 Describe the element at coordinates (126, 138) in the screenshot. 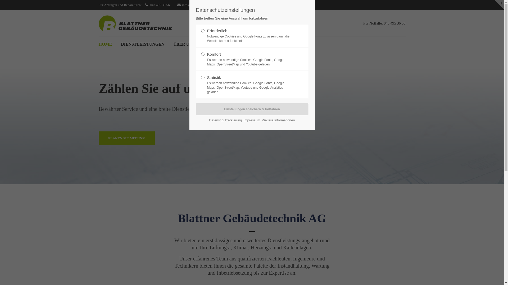

I see `'PLANEN SIE MIT UNS!'` at that location.